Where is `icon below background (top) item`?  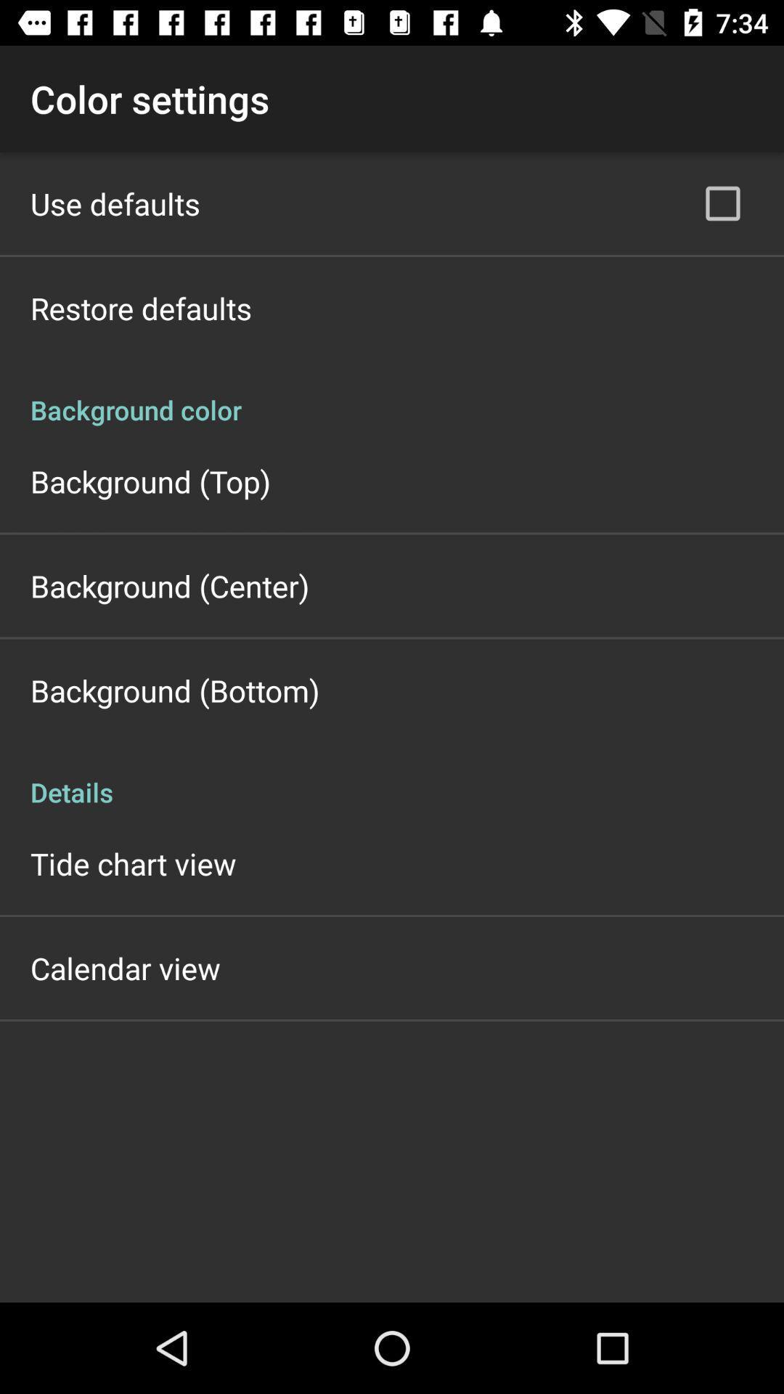 icon below background (top) item is located at coordinates (169, 585).